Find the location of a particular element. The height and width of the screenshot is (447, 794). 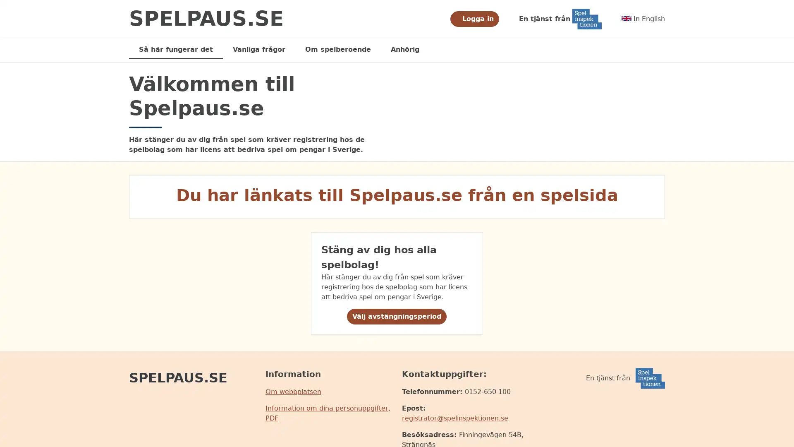

Logga in is located at coordinates (474, 19).